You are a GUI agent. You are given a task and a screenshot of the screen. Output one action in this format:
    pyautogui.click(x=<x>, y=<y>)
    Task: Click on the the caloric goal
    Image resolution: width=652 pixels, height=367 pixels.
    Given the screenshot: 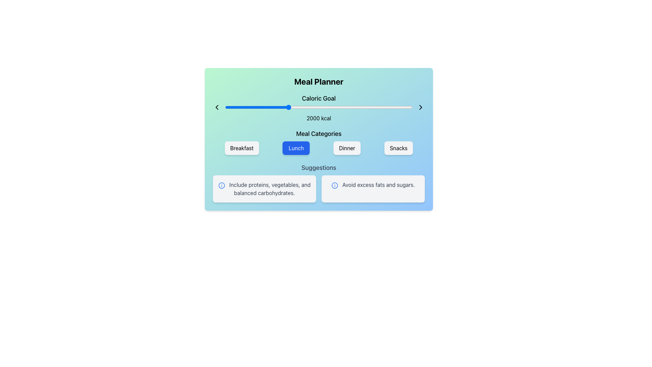 What is the action you would take?
    pyautogui.click(x=374, y=107)
    